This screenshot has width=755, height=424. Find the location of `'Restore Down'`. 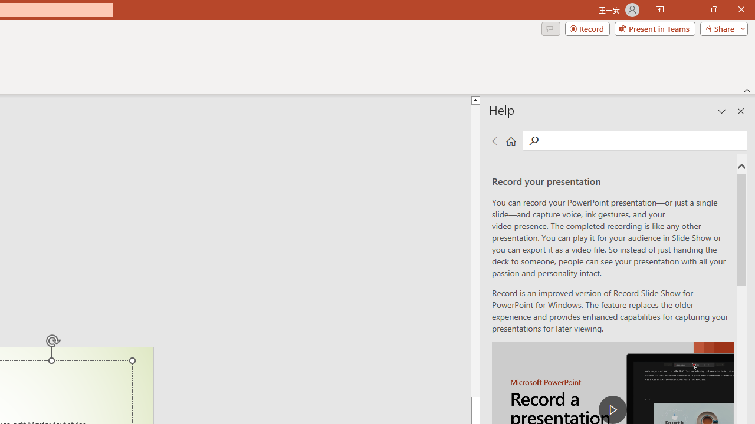

'Restore Down' is located at coordinates (713, 9).